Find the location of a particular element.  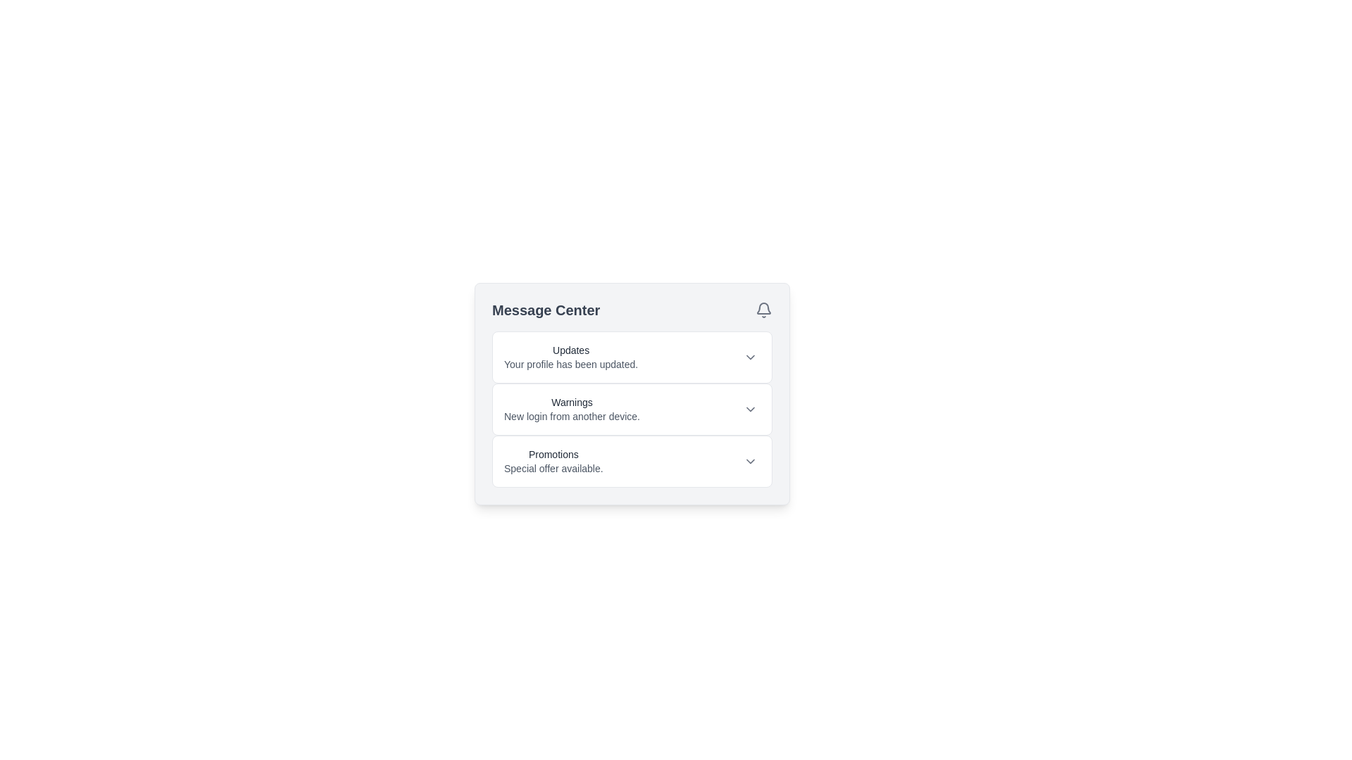

the 'Warnings' notification item in the Message Center is located at coordinates (631, 410).